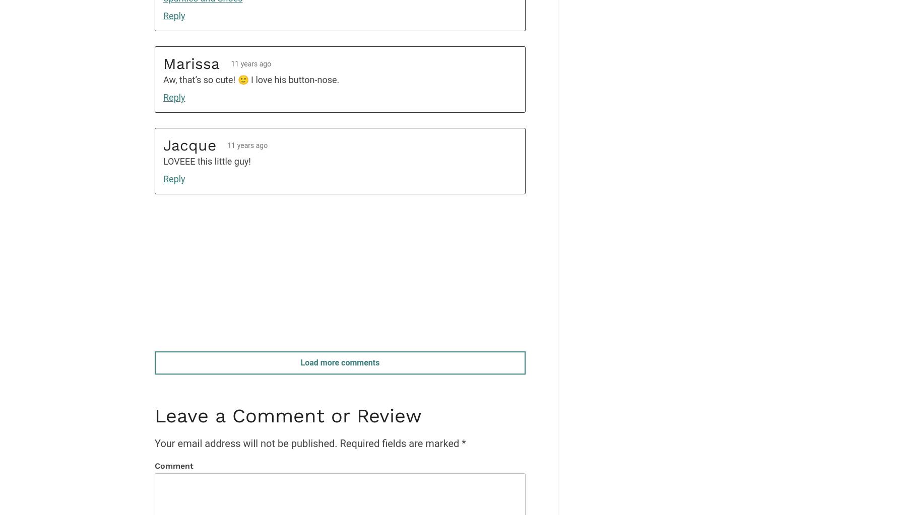 The image size is (898, 515). What do you see at coordinates (464, 443) in the screenshot?
I see `'*'` at bounding box center [464, 443].